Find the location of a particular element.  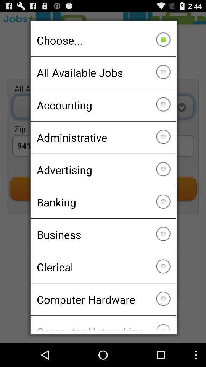

accounting checkbox is located at coordinates (103, 104).